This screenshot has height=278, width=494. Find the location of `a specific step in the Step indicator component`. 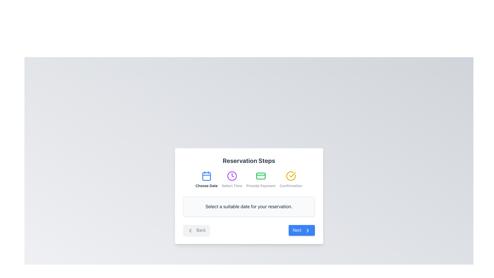

a specific step in the Step indicator component is located at coordinates (249, 179).